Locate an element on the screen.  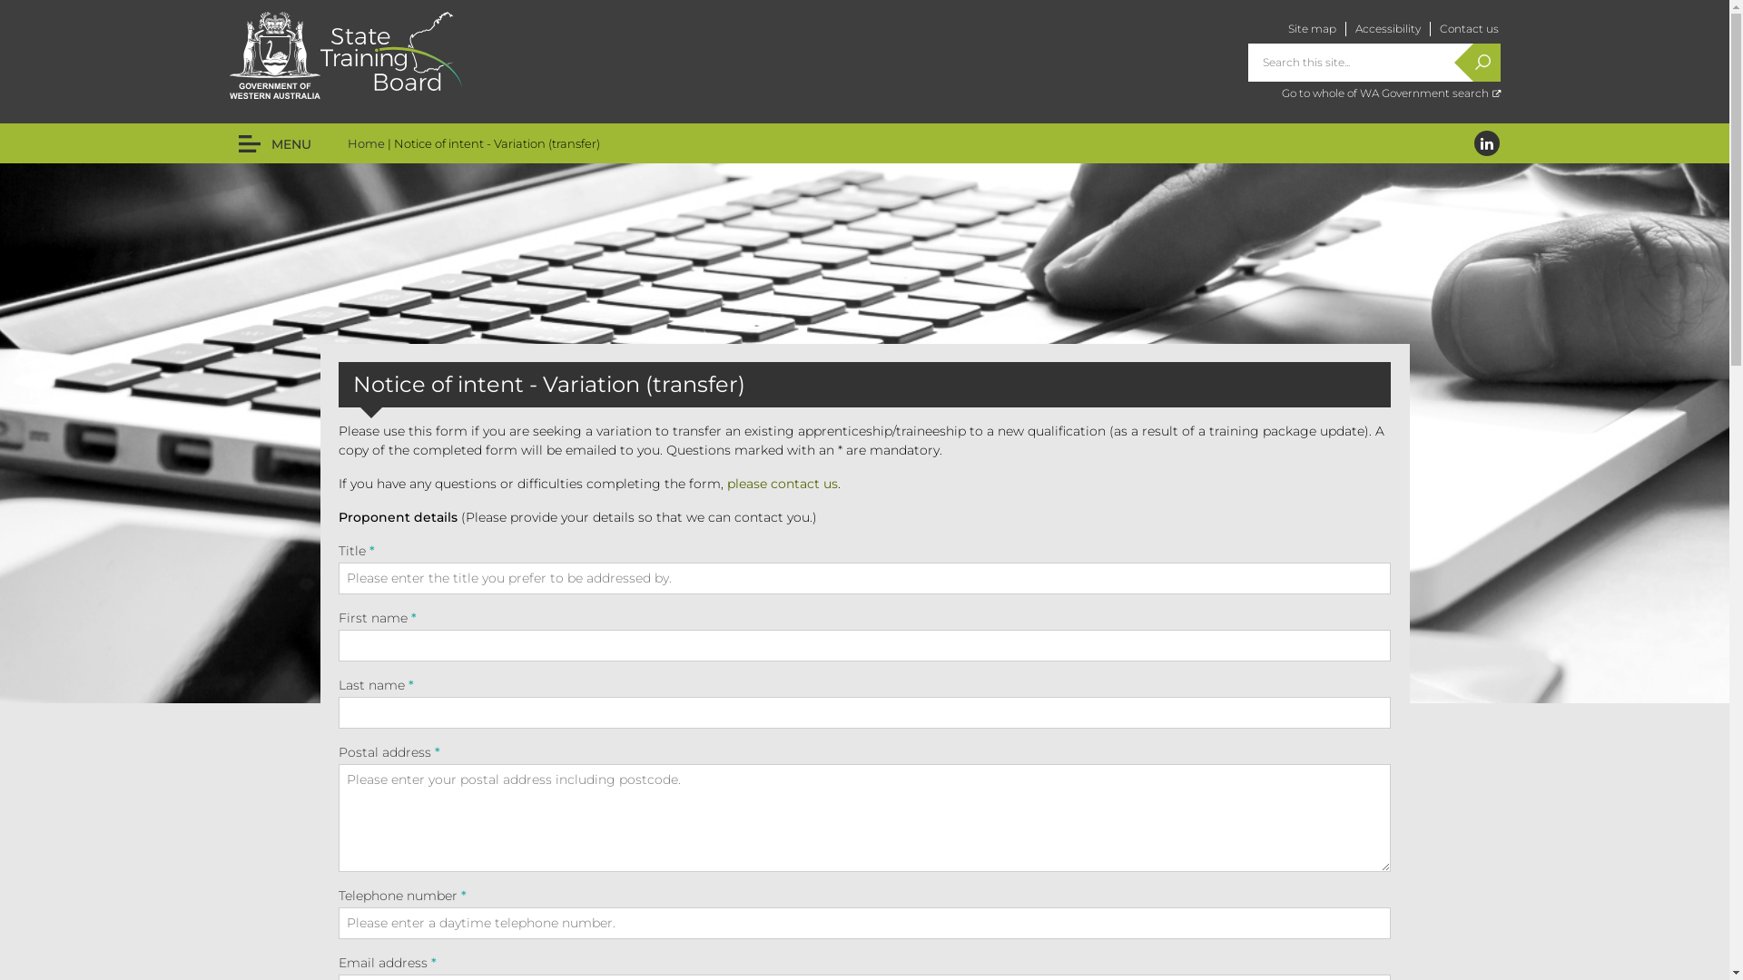
'Go to whole of WA Government search' is located at coordinates (1390, 93).